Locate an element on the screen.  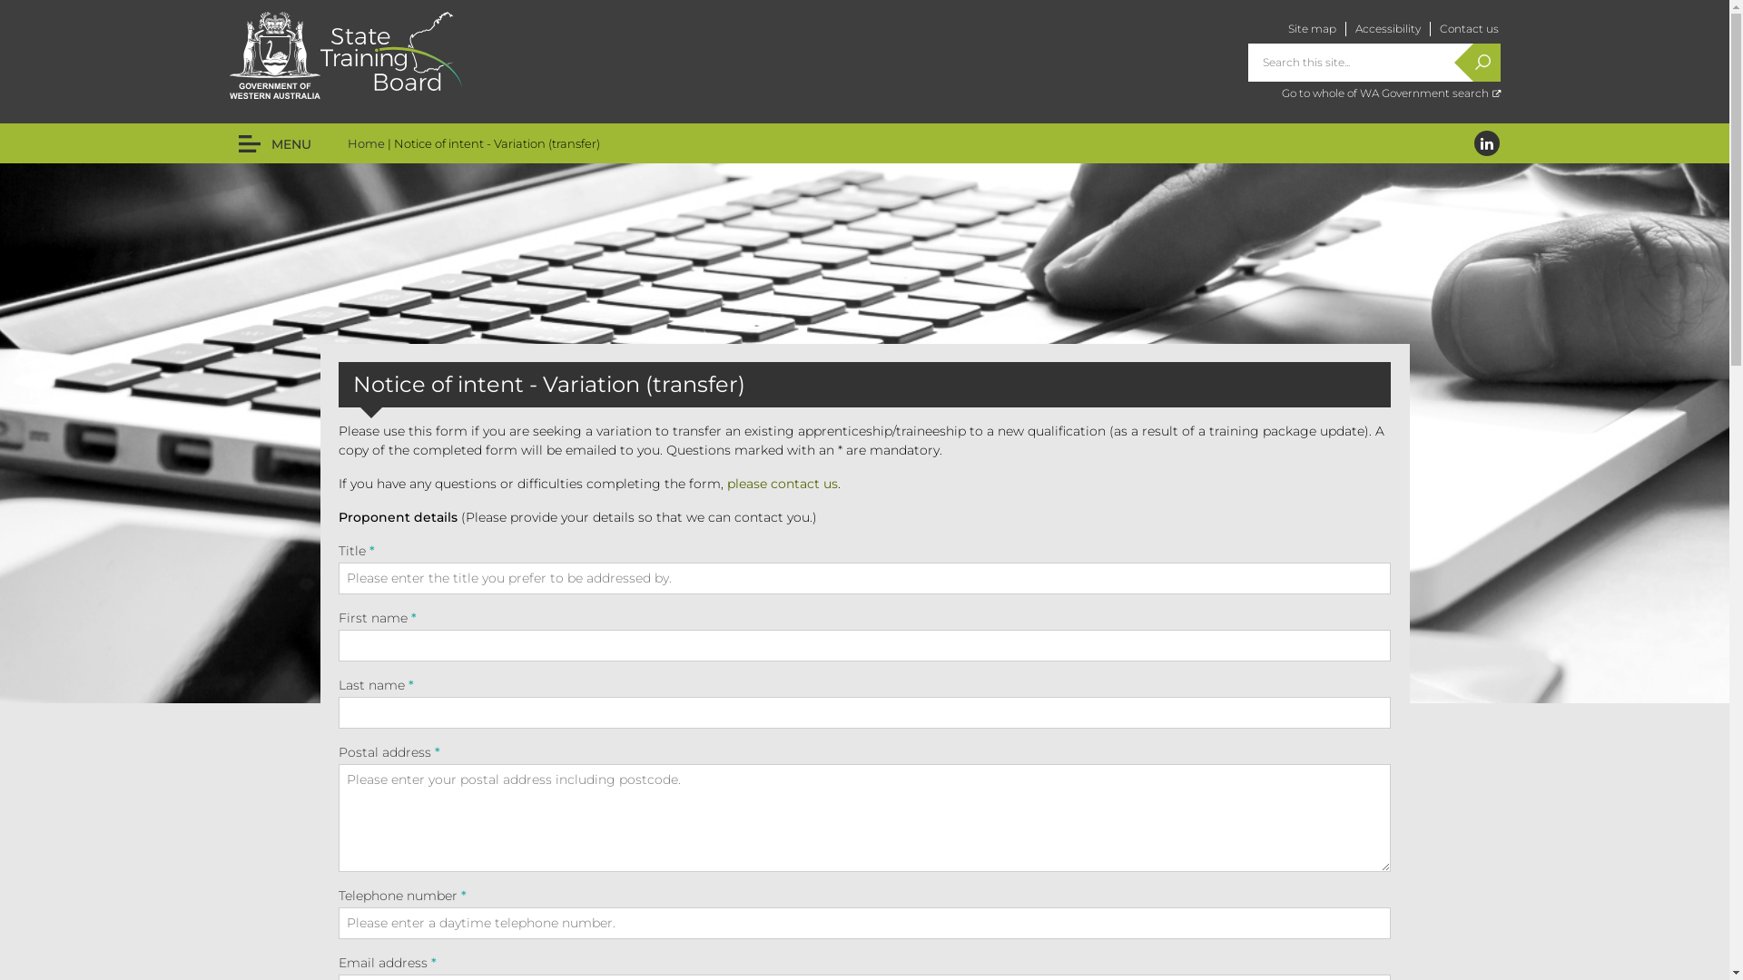
'Go to whole of WA Government search' is located at coordinates (1390, 93).